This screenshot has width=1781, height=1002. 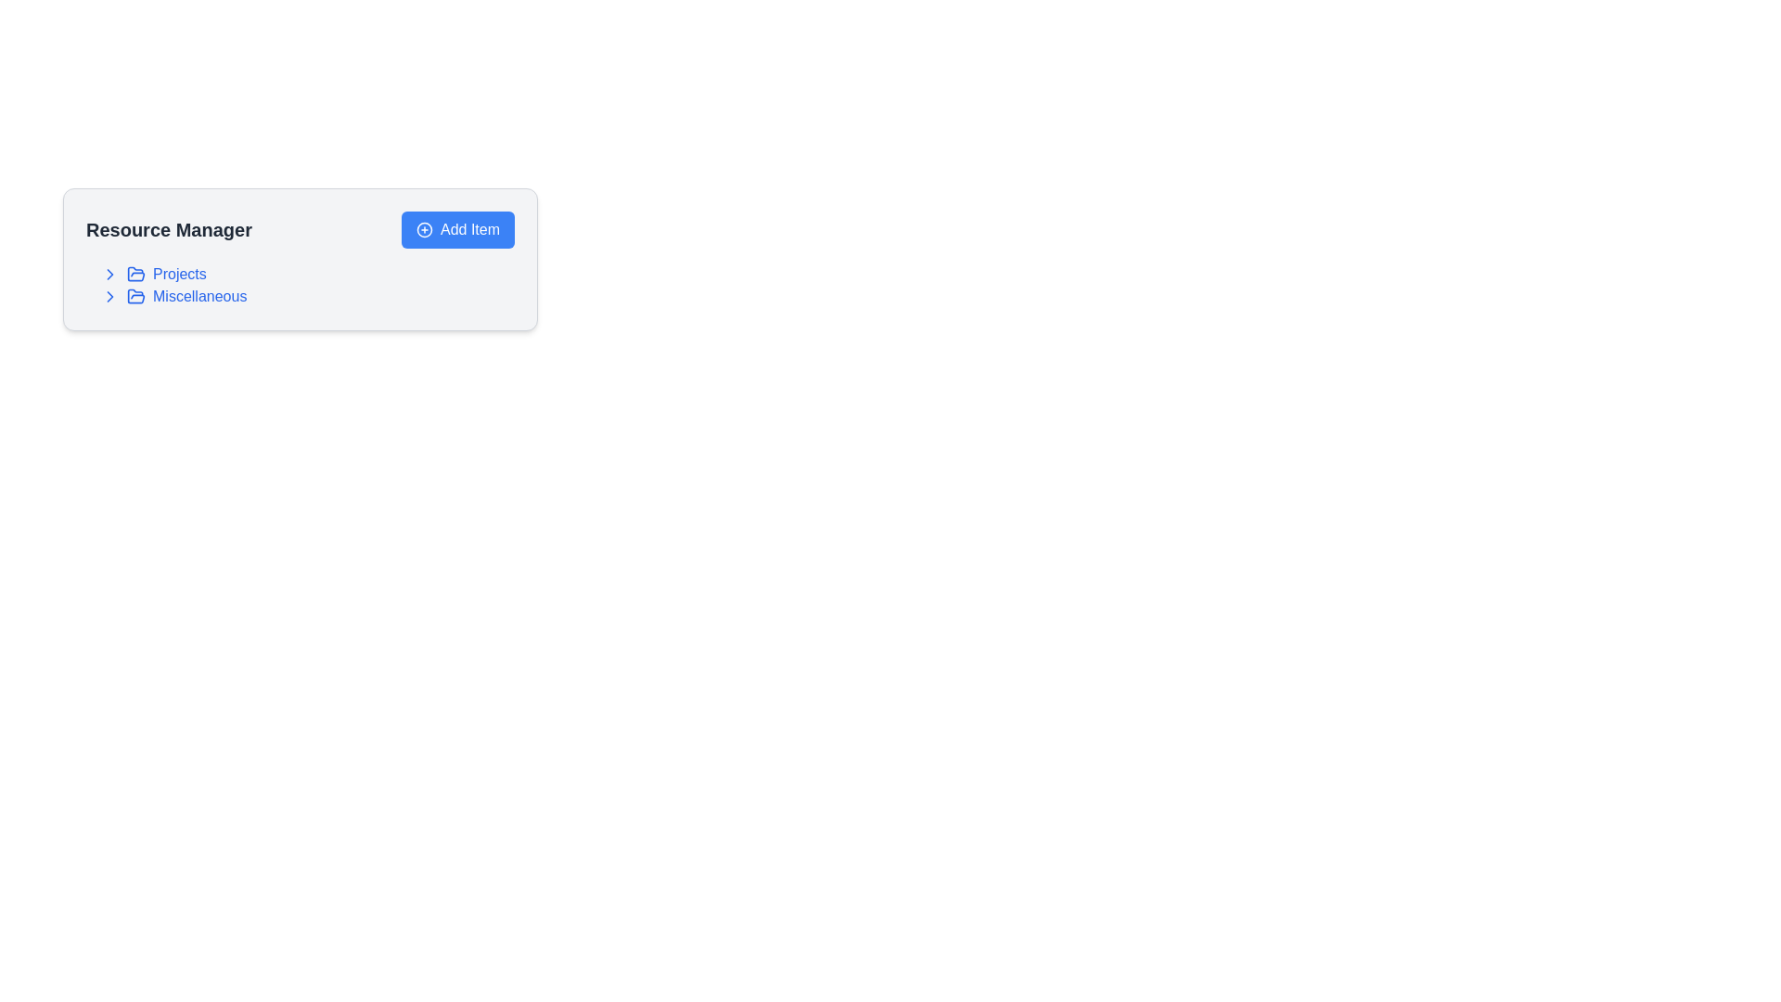 I want to click on the rightward pointing chevron icon styled as an outline, located to the left of the 'Projects' text in the 'Resource Manager' section, so click(x=109, y=275).